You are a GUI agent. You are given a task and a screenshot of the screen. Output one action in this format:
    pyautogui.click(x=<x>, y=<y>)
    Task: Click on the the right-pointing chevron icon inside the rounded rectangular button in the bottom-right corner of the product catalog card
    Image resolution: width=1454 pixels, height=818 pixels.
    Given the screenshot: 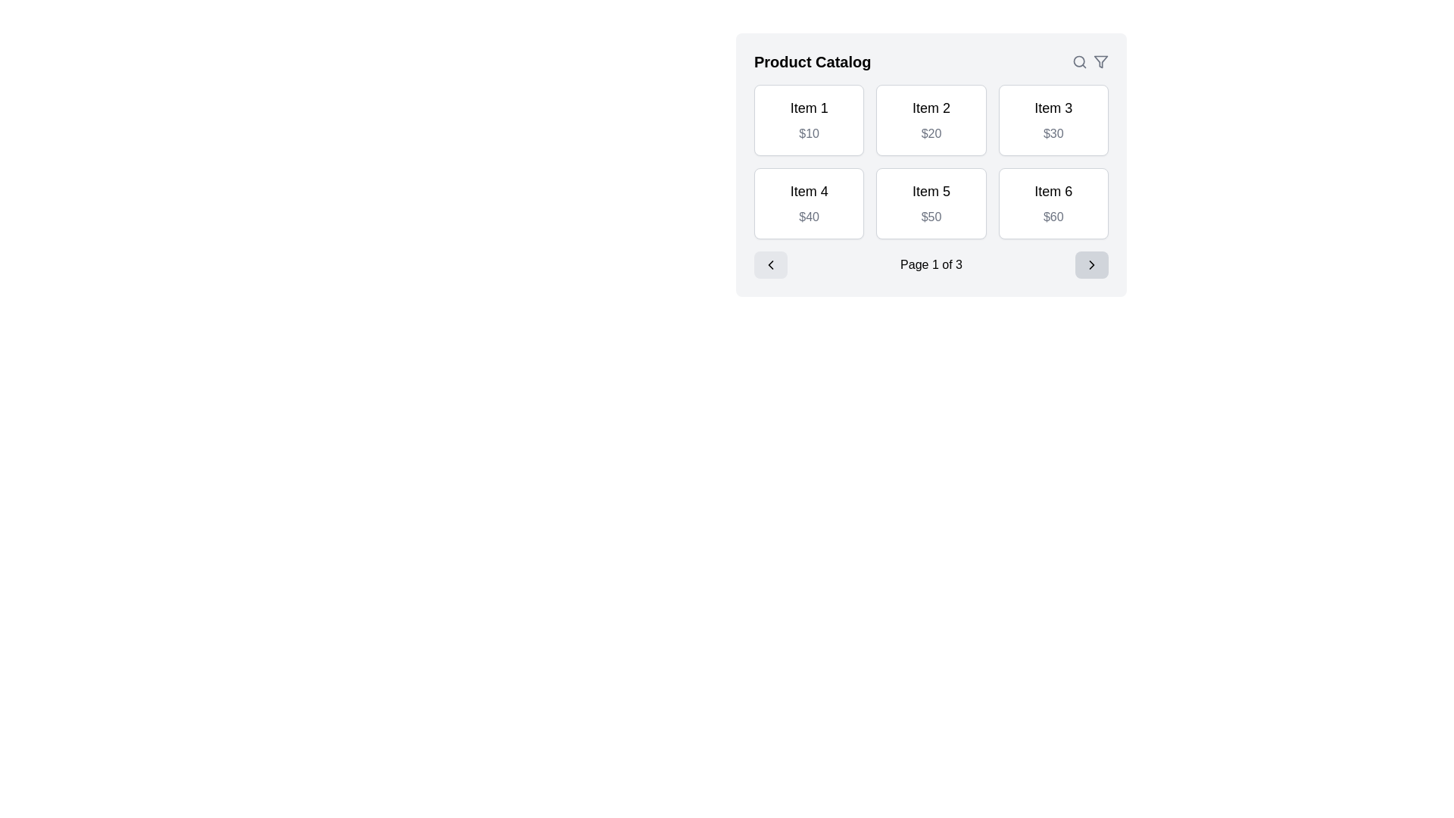 What is the action you would take?
    pyautogui.click(x=1091, y=264)
    